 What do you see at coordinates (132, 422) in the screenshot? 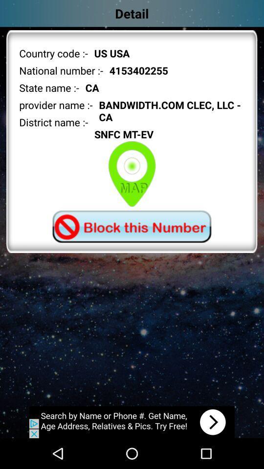
I see `this is an advertisement you can close it in the bottom left corner` at bounding box center [132, 422].